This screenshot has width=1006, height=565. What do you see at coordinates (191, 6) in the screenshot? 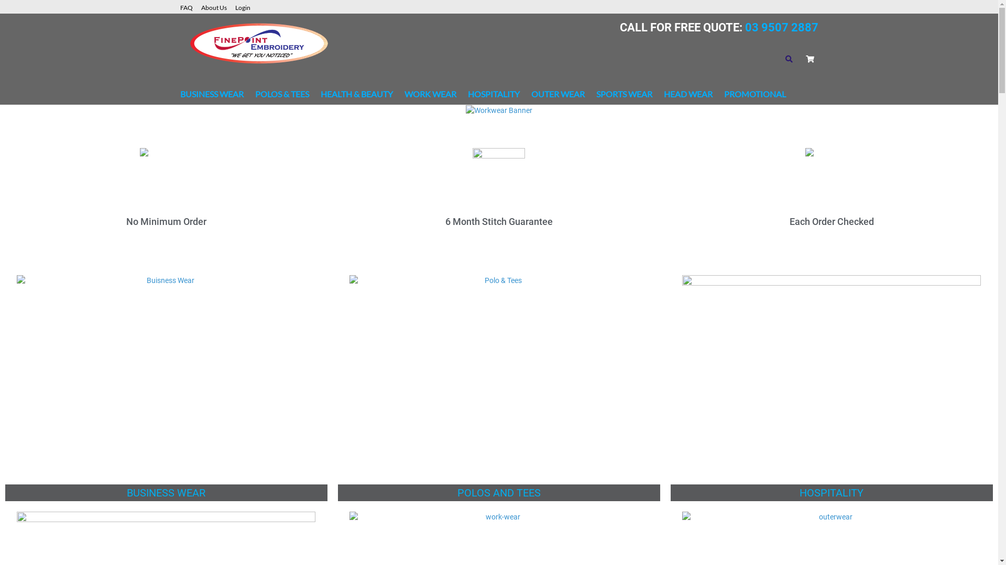
I see `'FAQ'` at bounding box center [191, 6].